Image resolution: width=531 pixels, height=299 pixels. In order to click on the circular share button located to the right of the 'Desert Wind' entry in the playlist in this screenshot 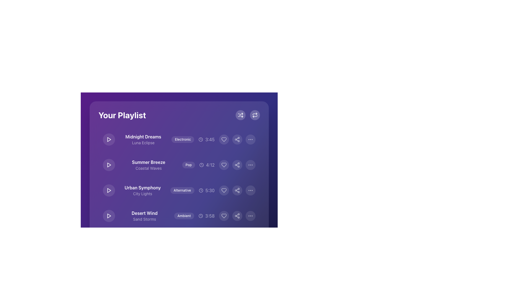, I will do `click(237, 215)`.